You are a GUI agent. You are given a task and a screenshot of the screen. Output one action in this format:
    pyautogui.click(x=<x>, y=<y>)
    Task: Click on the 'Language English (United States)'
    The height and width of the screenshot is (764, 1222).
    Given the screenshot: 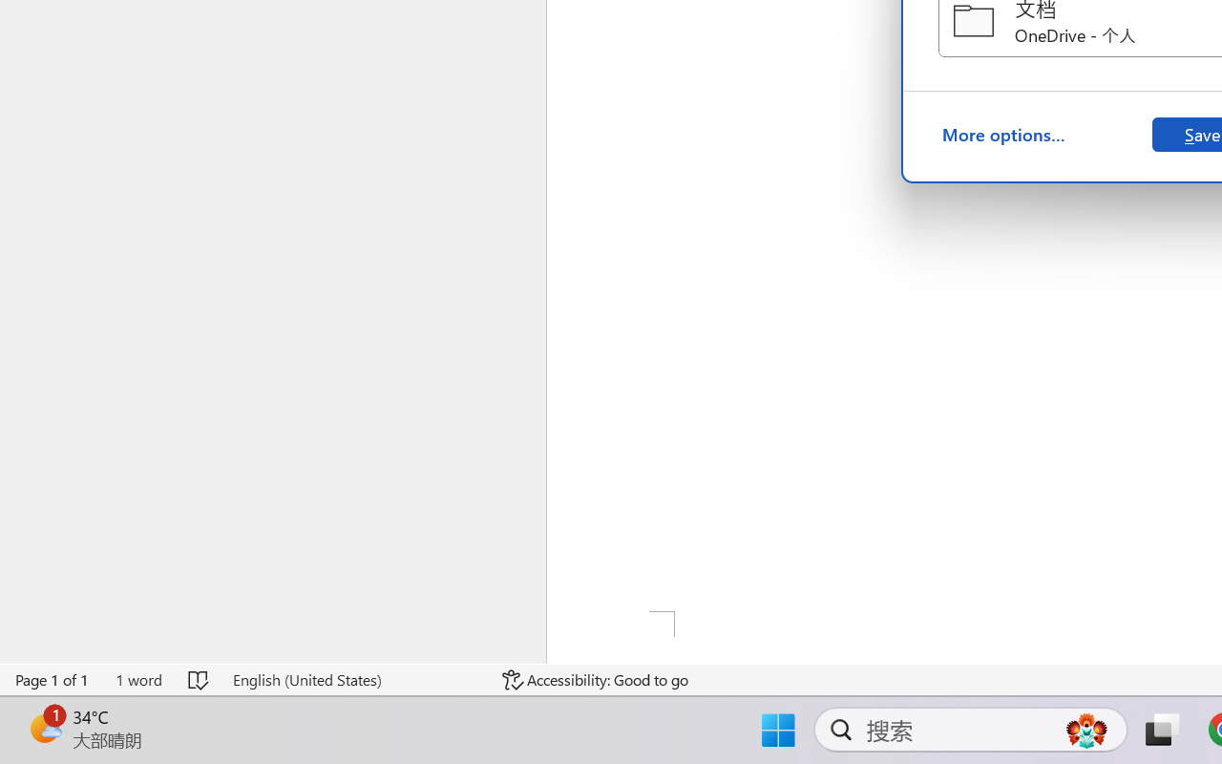 What is the action you would take?
    pyautogui.click(x=354, y=679)
    